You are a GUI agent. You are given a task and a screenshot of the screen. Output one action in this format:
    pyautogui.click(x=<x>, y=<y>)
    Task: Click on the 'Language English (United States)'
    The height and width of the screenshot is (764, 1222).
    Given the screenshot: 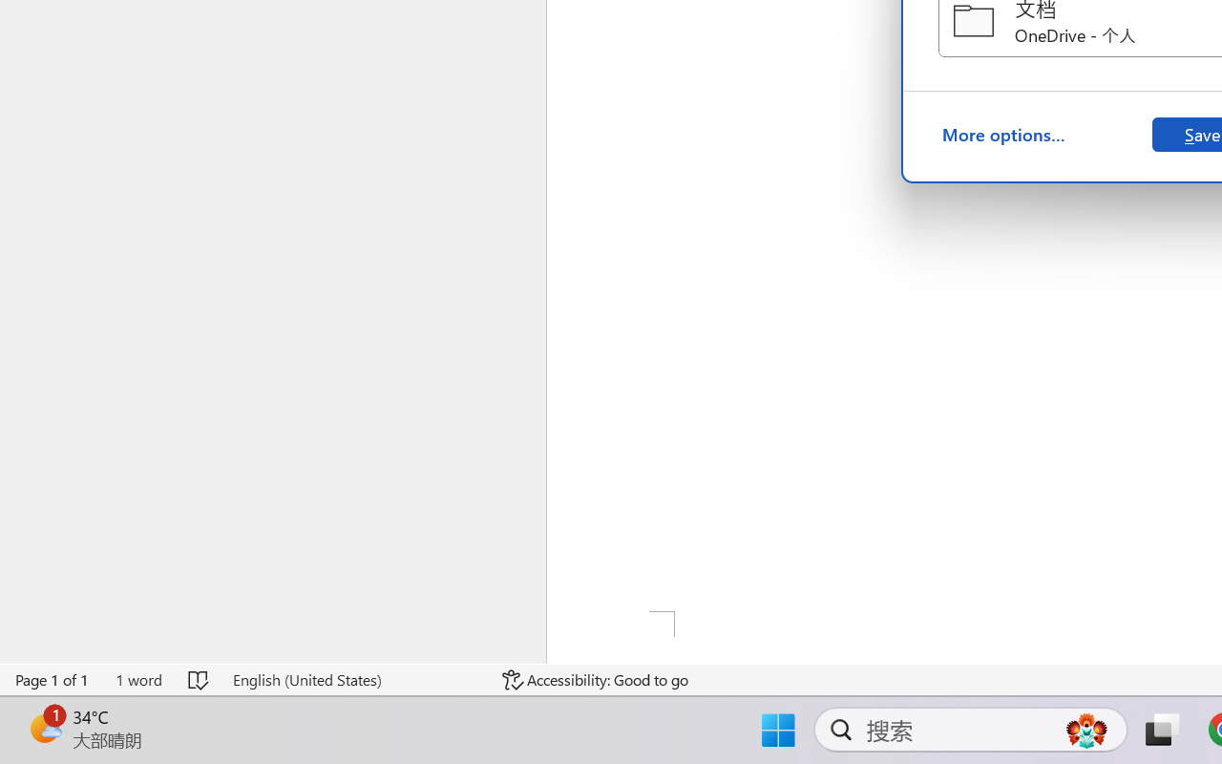 What is the action you would take?
    pyautogui.click(x=354, y=679)
    